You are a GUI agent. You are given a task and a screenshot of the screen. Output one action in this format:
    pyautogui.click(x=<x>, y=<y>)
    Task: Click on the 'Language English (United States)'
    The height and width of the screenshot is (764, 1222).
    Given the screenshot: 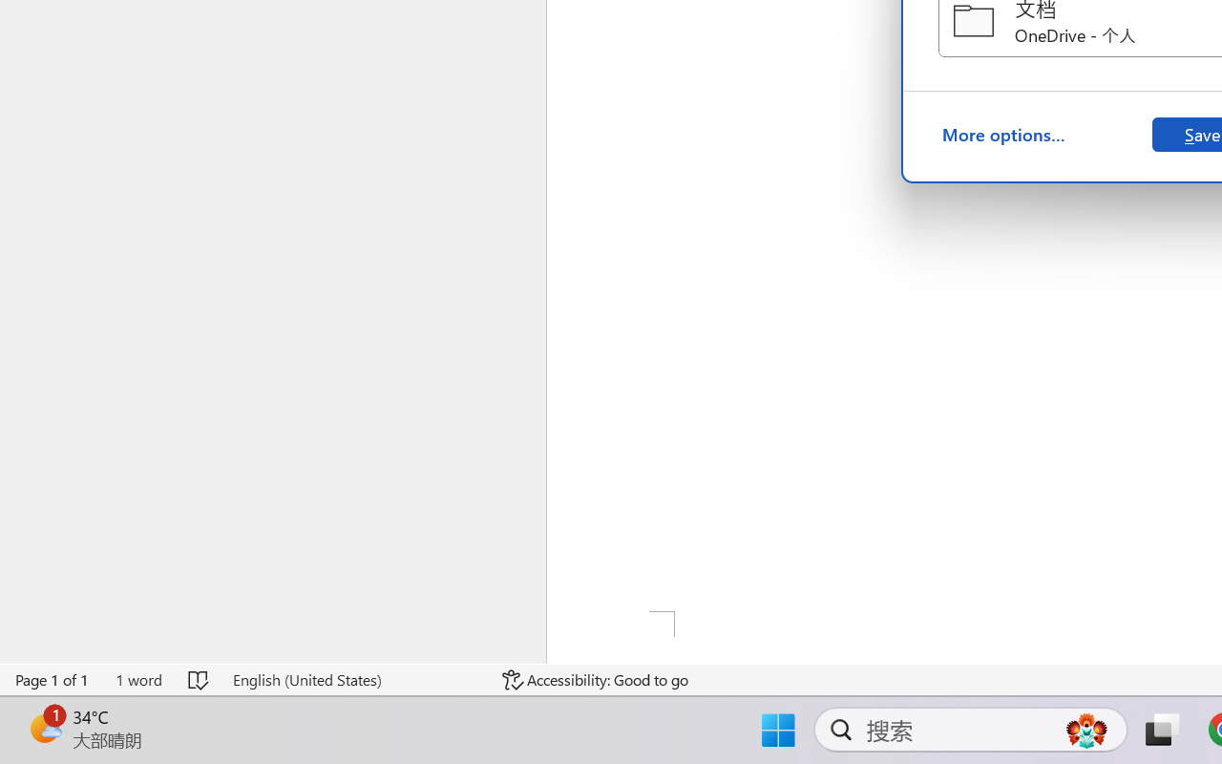 What is the action you would take?
    pyautogui.click(x=354, y=679)
    